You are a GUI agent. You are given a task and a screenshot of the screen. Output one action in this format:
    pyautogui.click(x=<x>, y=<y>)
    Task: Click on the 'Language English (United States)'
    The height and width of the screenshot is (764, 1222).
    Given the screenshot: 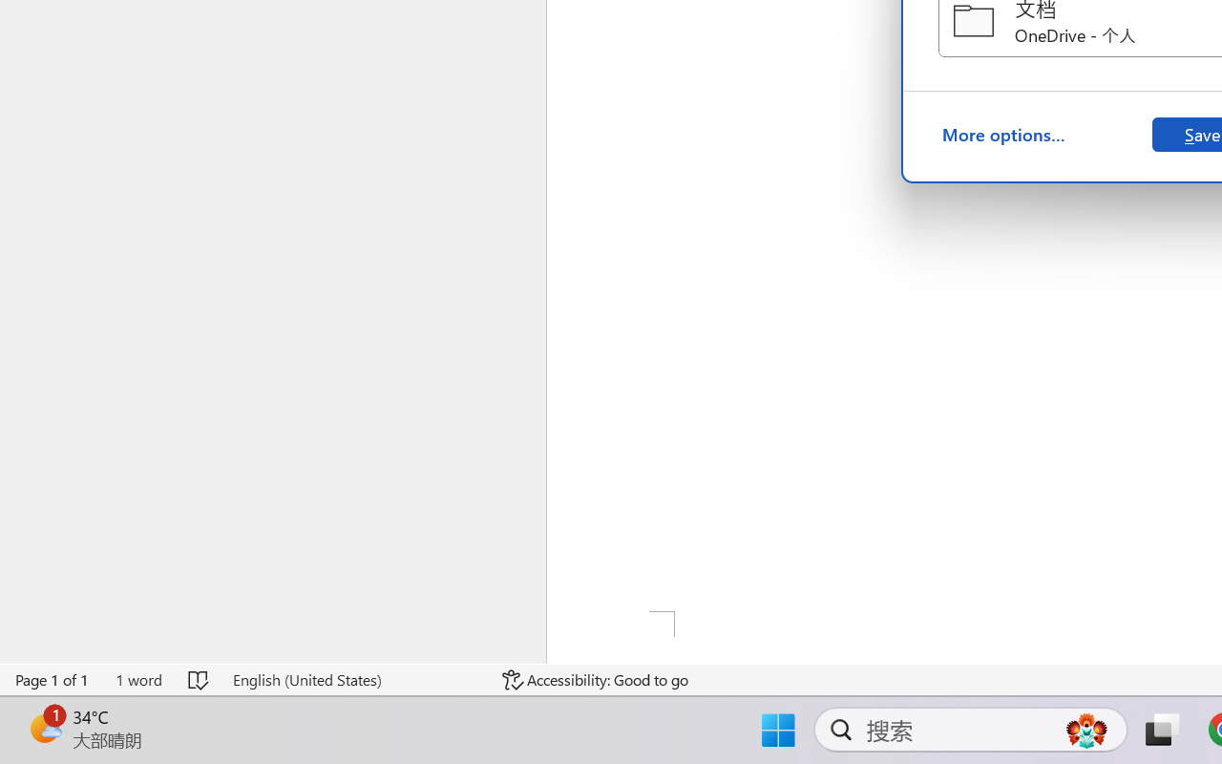 What is the action you would take?
    pyautogui.click(x=354, y=679)
    